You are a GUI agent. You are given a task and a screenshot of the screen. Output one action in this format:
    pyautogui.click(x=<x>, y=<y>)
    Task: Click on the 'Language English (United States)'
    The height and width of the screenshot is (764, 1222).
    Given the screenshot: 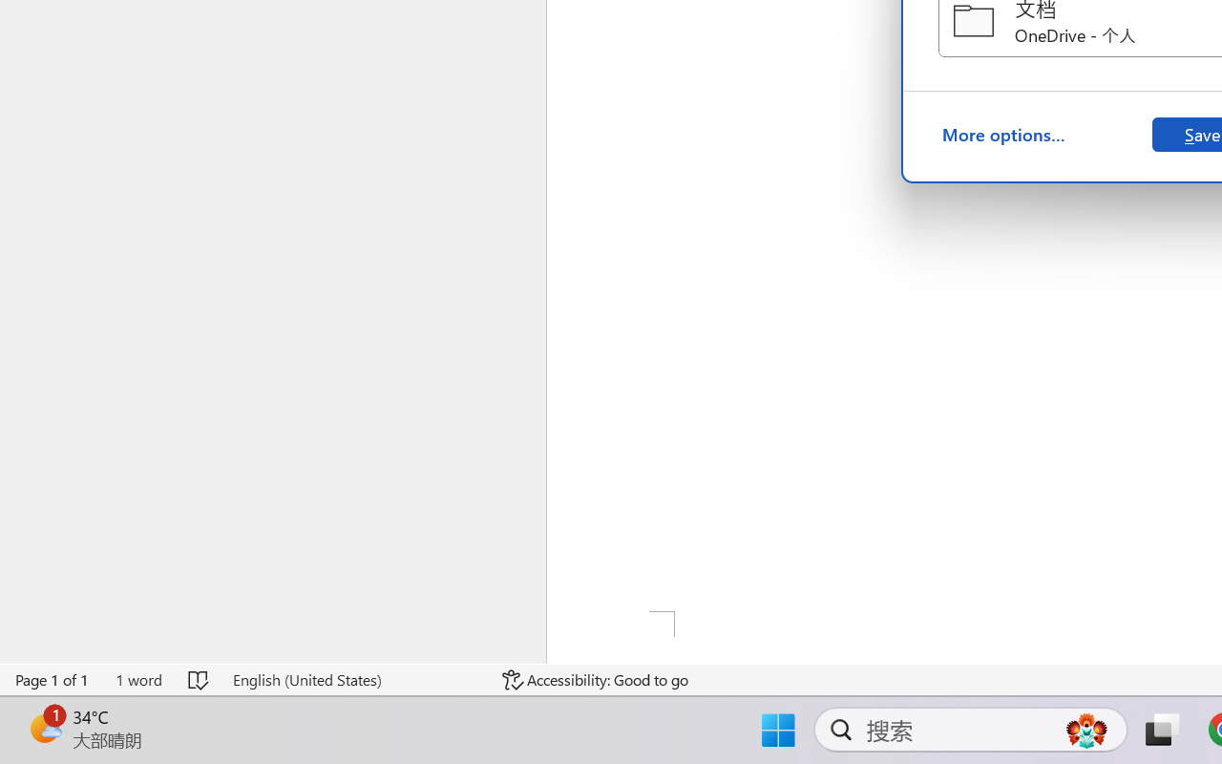 What is the action you would take?
    pyautogui.click(x=354, y=679)
    